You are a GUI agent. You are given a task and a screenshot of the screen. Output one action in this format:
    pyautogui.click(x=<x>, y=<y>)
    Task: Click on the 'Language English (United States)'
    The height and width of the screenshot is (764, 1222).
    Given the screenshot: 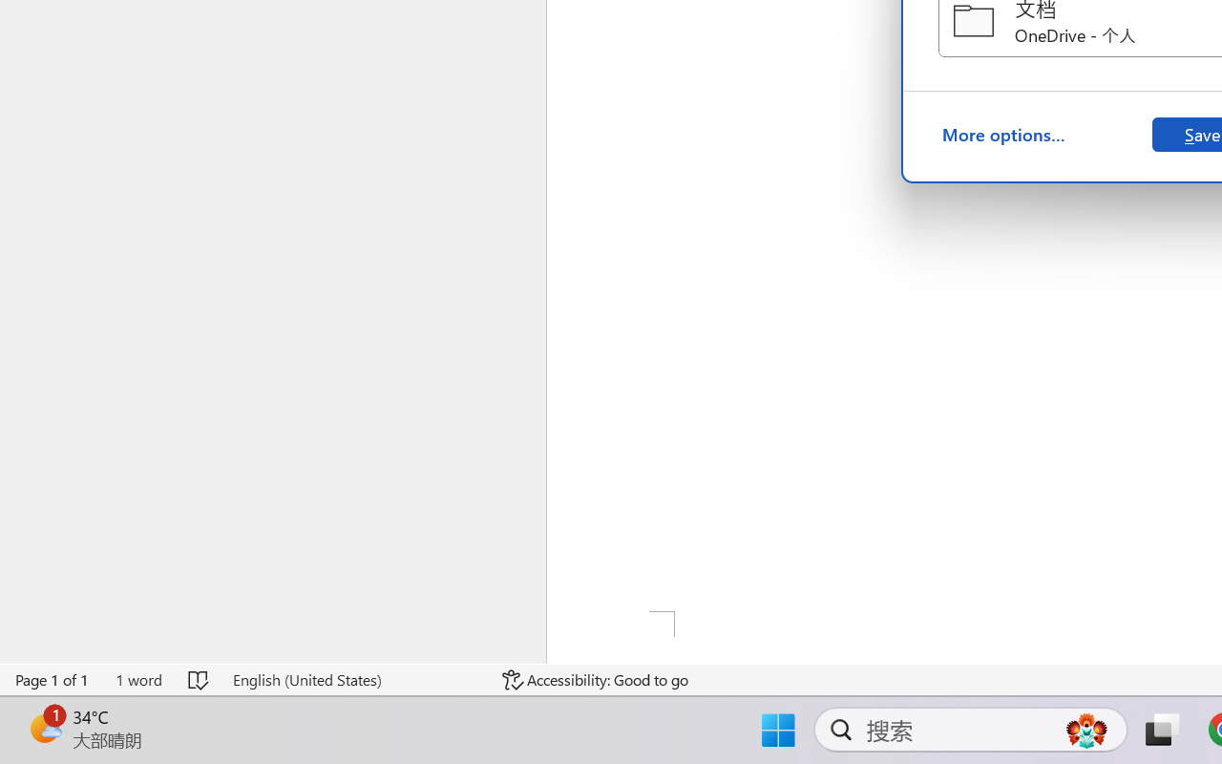 What is the action you would take?
    pyautogui.click(x=354, y=679)
    